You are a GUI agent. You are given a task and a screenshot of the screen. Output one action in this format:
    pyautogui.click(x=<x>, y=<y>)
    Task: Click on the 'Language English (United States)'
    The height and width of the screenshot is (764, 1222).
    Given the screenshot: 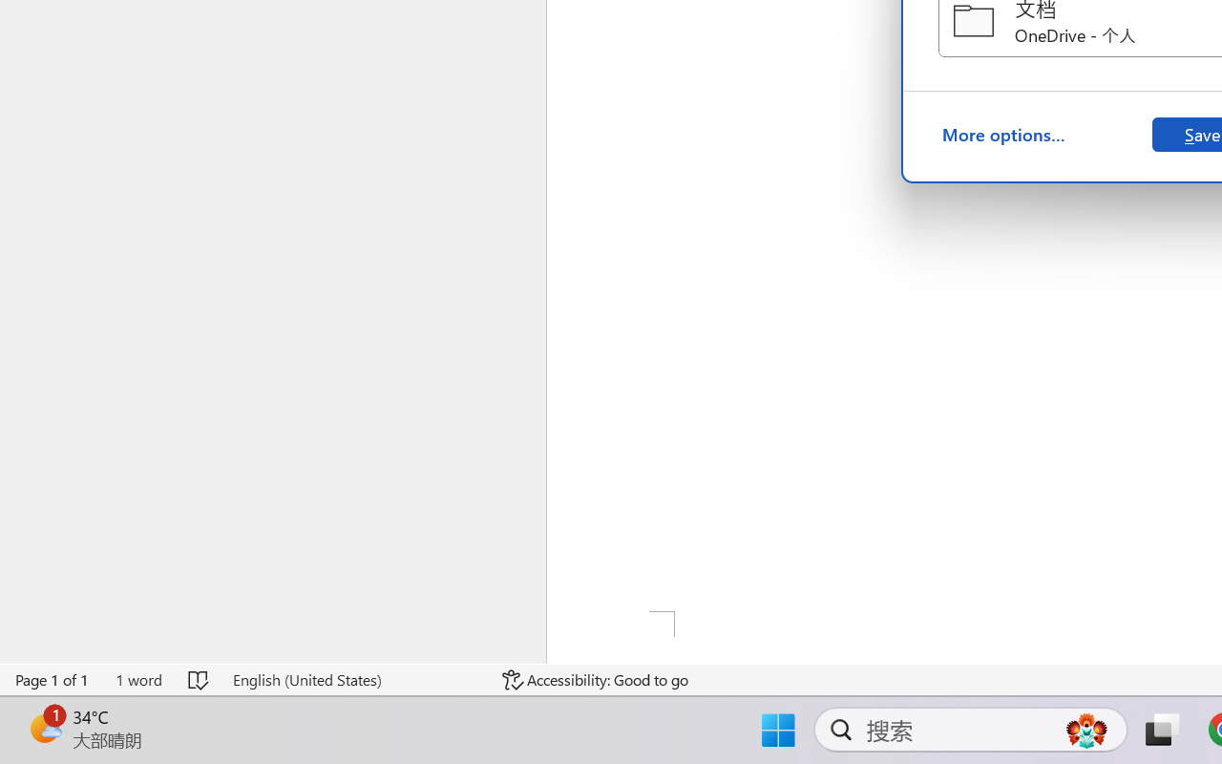 What is the action you would take?
    pyautogui.click(x=354, y=679)
    